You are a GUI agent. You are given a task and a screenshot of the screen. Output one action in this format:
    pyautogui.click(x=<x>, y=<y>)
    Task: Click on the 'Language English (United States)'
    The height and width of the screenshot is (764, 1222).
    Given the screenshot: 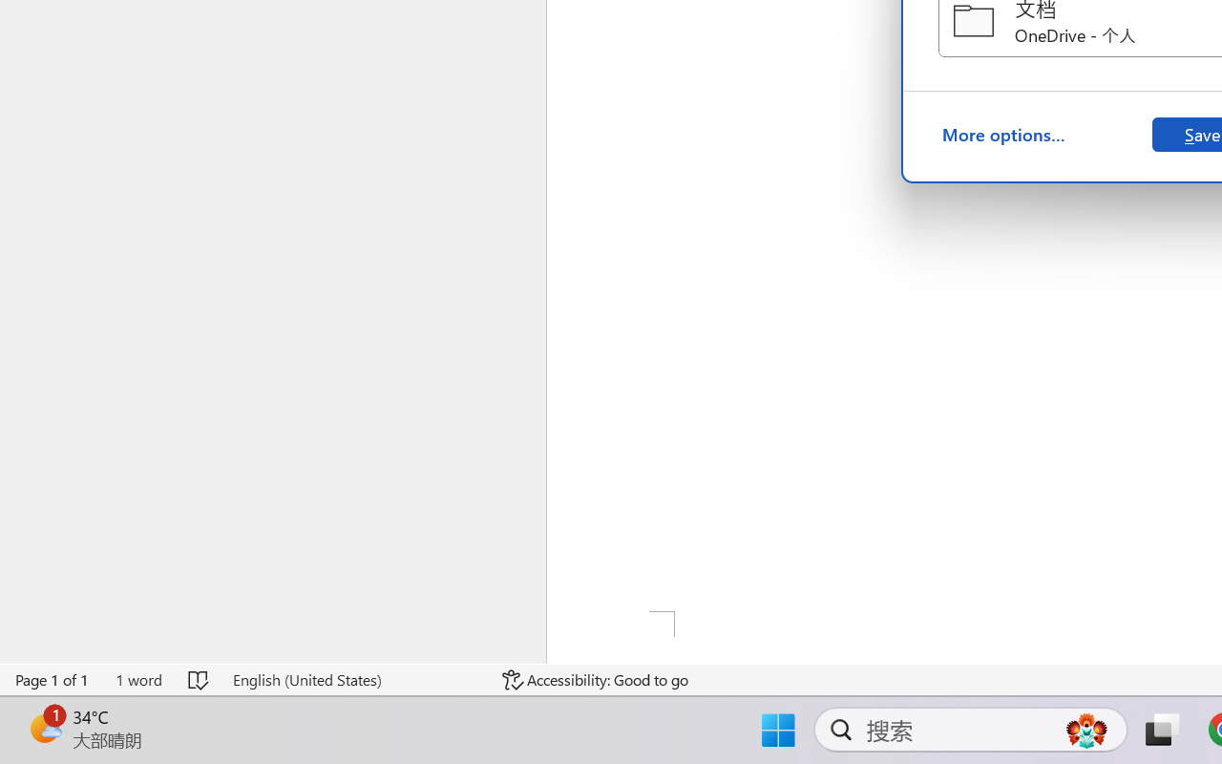 What is the action you would take?
    pyautogui.click(x=354, y=679)
    